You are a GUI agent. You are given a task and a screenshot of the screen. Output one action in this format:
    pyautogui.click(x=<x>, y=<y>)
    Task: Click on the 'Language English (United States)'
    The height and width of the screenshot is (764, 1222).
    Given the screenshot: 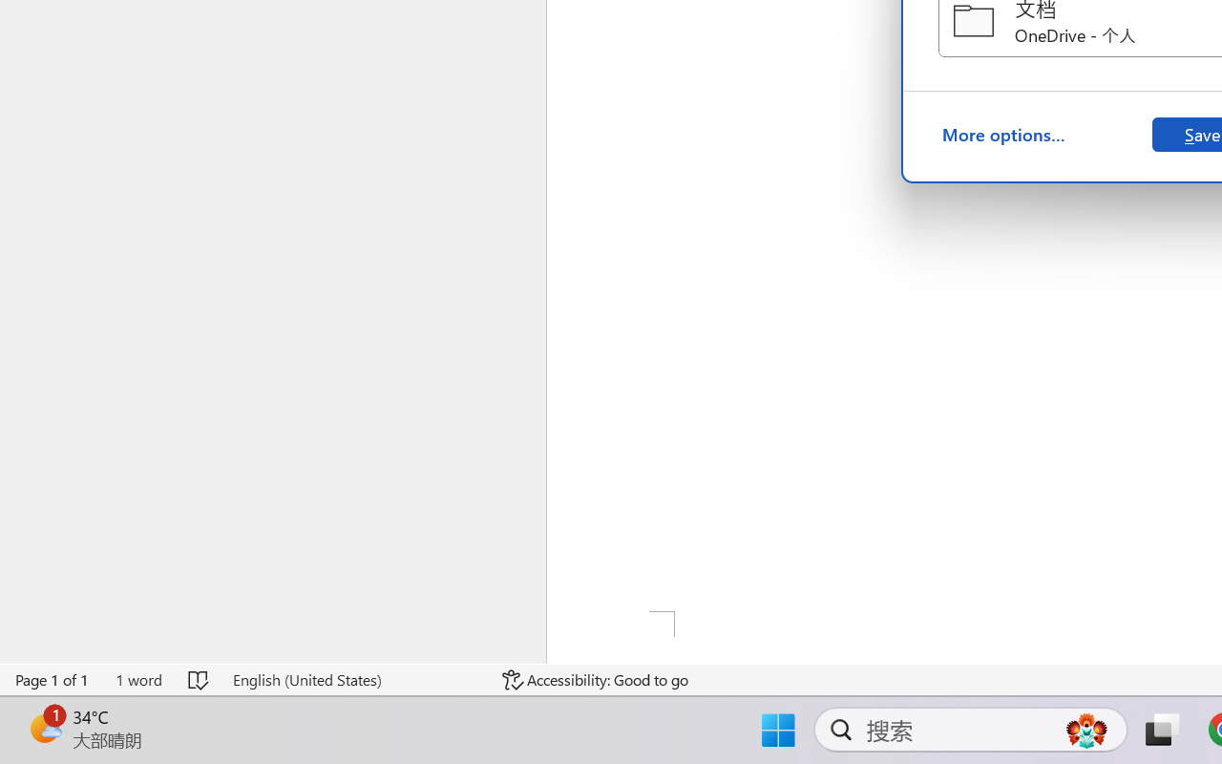 What is the action you would take?
    pyautogui.click(x=354, y=679)
    